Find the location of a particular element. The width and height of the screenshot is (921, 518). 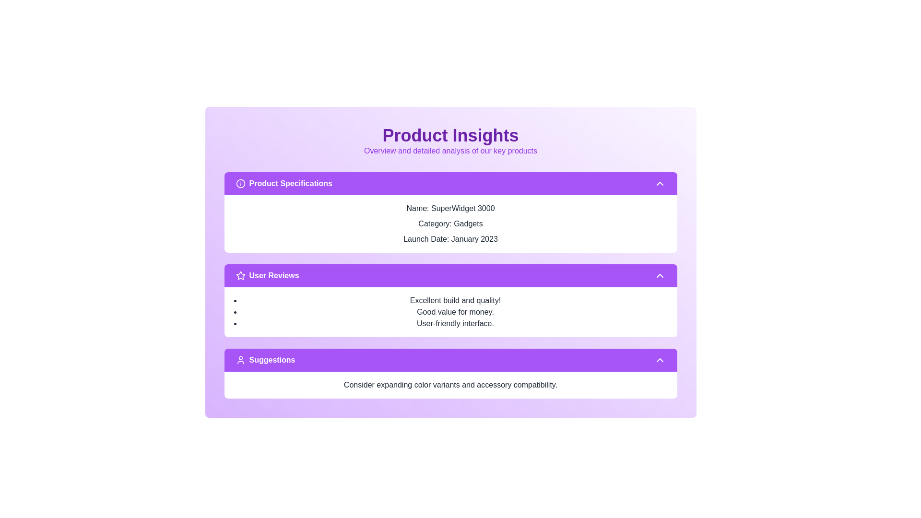

the static text in the third item of the 'User Reviews' section, which conveys user feedback about the product's interface quality is located at coordinates (455, 324).